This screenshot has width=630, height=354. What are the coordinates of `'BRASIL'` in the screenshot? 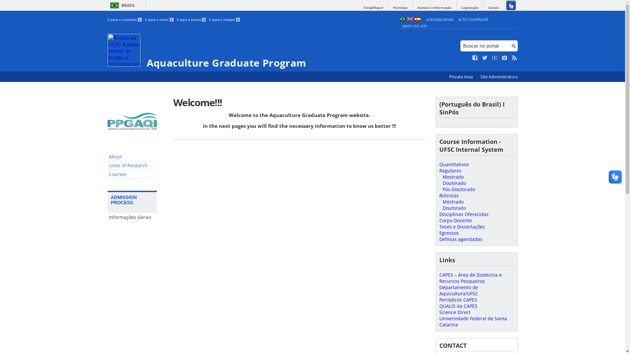 It's located at (121, 5).